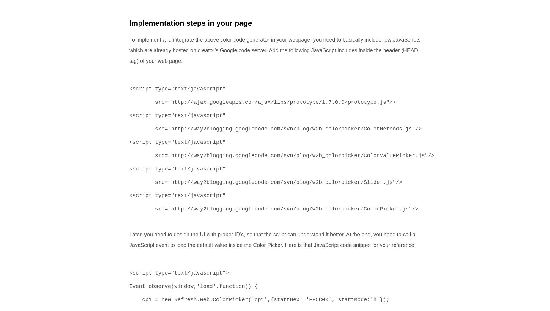 The height and width of the screenshot is (311, 550). I want to click on '"text/javascript"', so click(198, 273).